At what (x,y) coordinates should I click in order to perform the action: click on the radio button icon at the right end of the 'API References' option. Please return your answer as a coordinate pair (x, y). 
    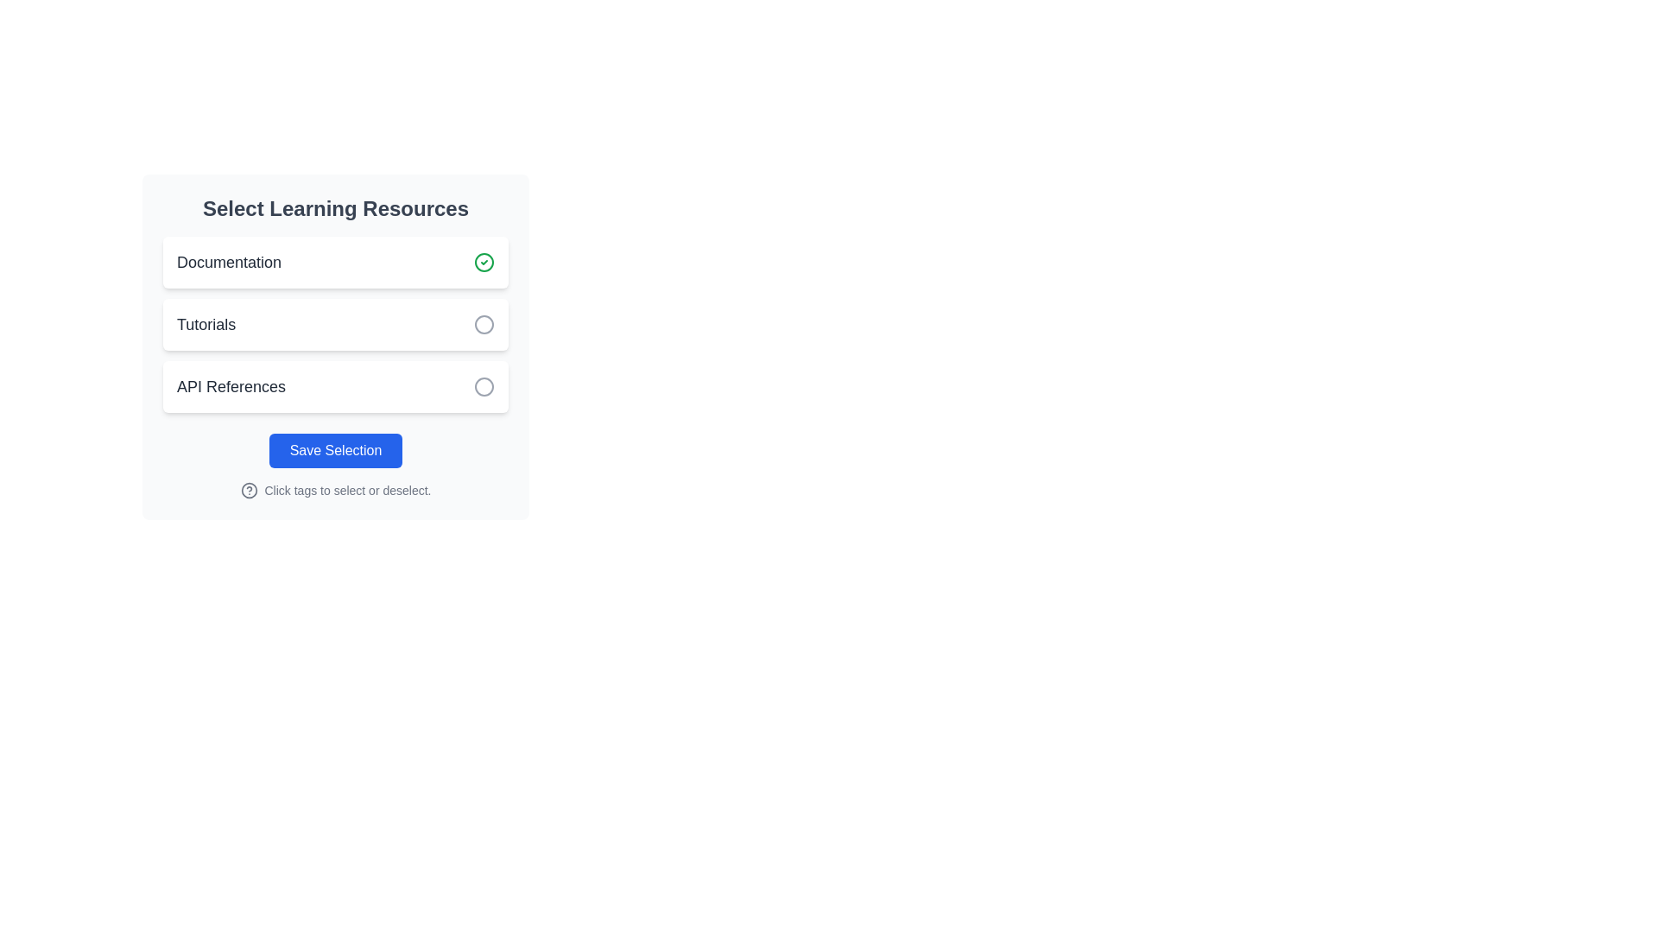
    Looking at the image, I should click on (484, 385).